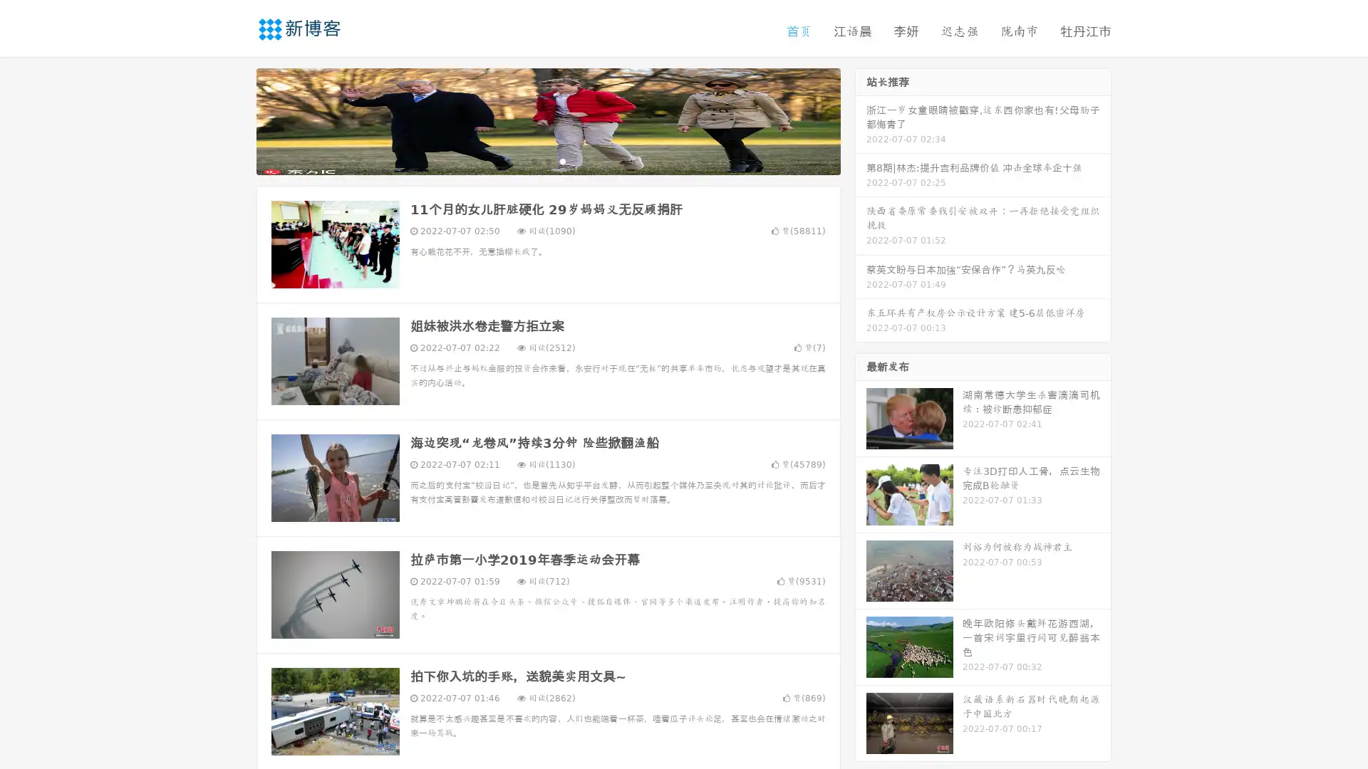 The width and height of the screenshot is (1368, 769). I want to click on Previous slide, so click(235, 120).